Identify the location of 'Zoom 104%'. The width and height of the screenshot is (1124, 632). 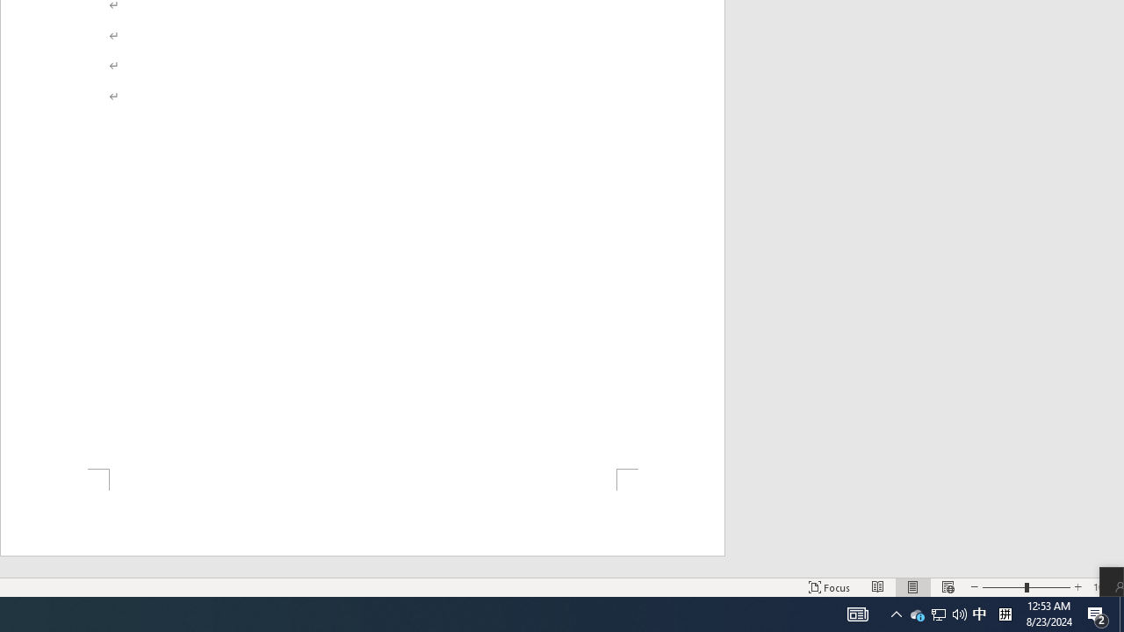
(1104, 587).